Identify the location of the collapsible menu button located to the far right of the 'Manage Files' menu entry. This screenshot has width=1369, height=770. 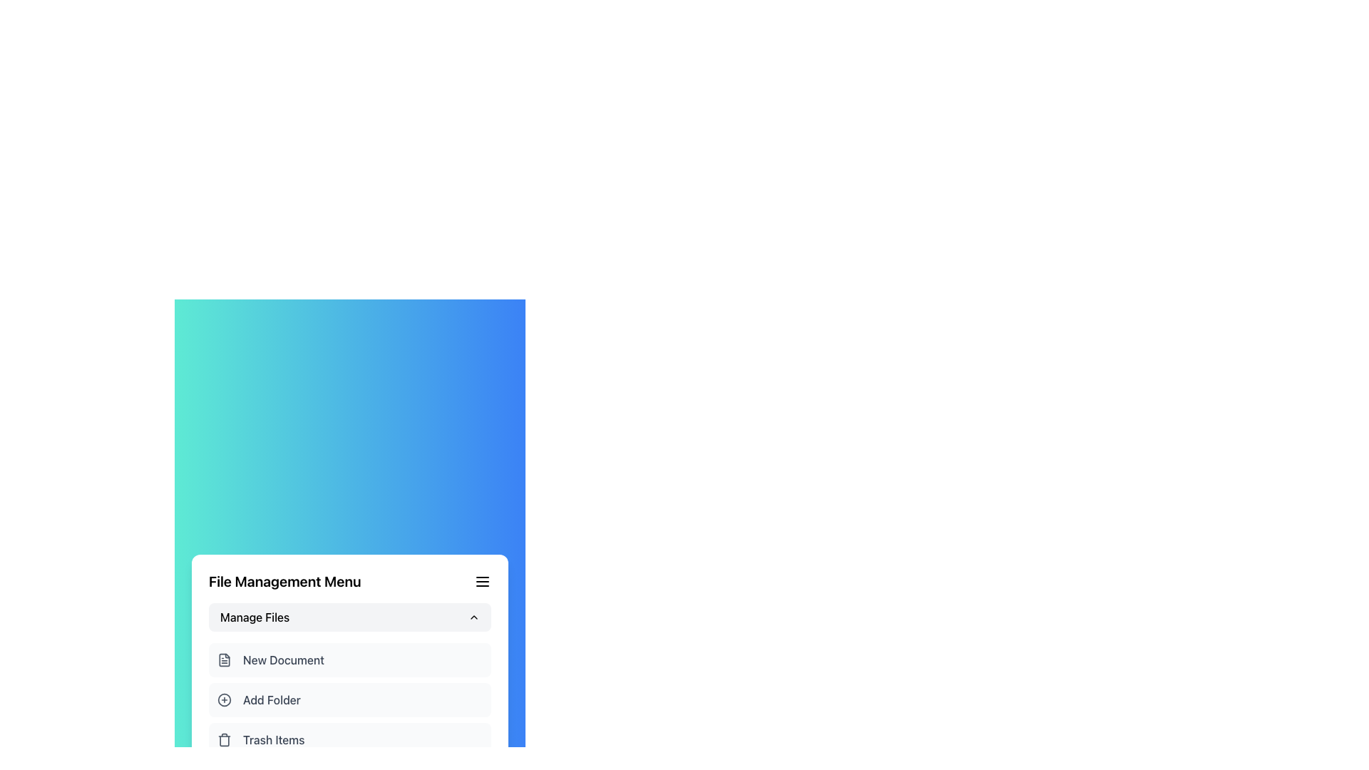
(474, 617).